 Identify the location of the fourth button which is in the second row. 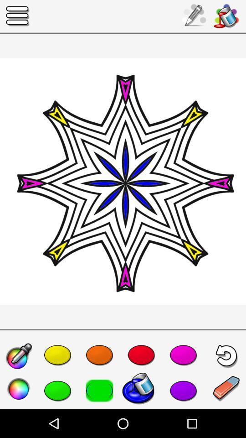
(141, 390).